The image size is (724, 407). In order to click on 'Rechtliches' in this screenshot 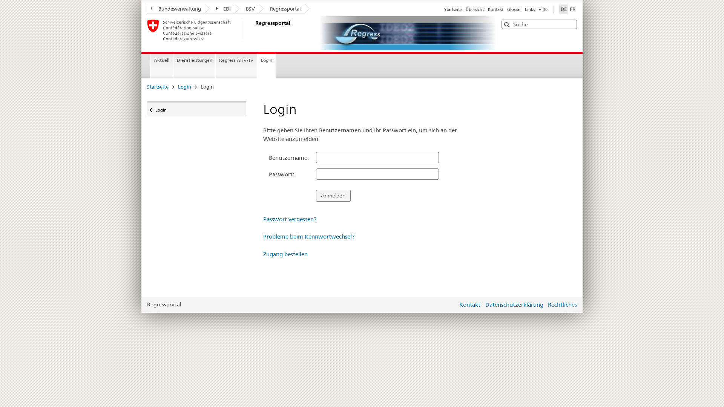, I will do `click(562, 304)`.